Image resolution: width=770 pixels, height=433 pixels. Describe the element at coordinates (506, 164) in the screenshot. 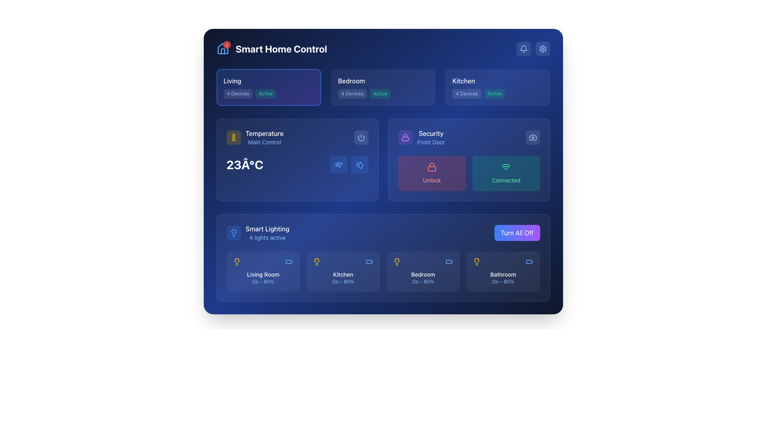

I see `the second arc of the Wi-Fi icon, which visually represents a connection or signal in the security control area of the interface` at that location.